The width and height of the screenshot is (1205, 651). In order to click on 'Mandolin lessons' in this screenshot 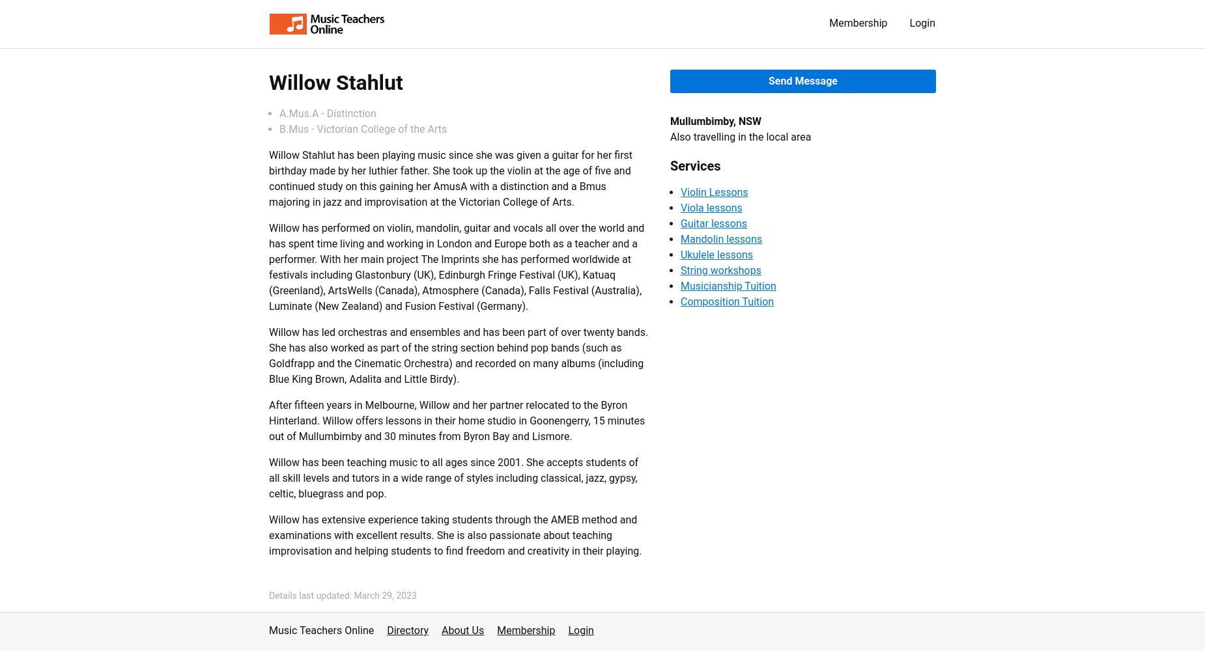, I will do `click(679, 238)`.